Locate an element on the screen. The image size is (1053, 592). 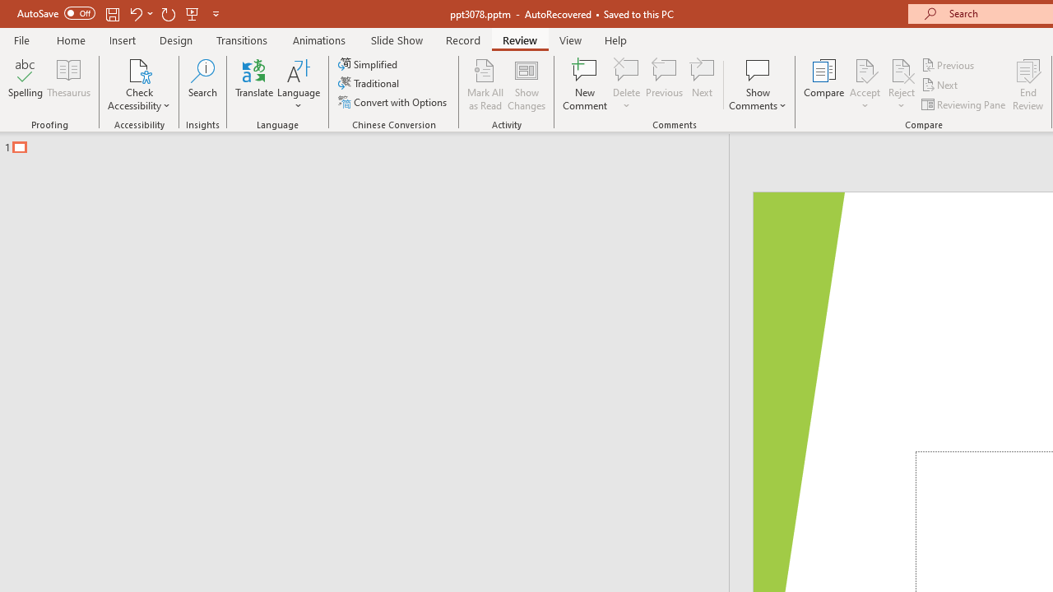
'Reject Change' is located at coordinates (901, 69).